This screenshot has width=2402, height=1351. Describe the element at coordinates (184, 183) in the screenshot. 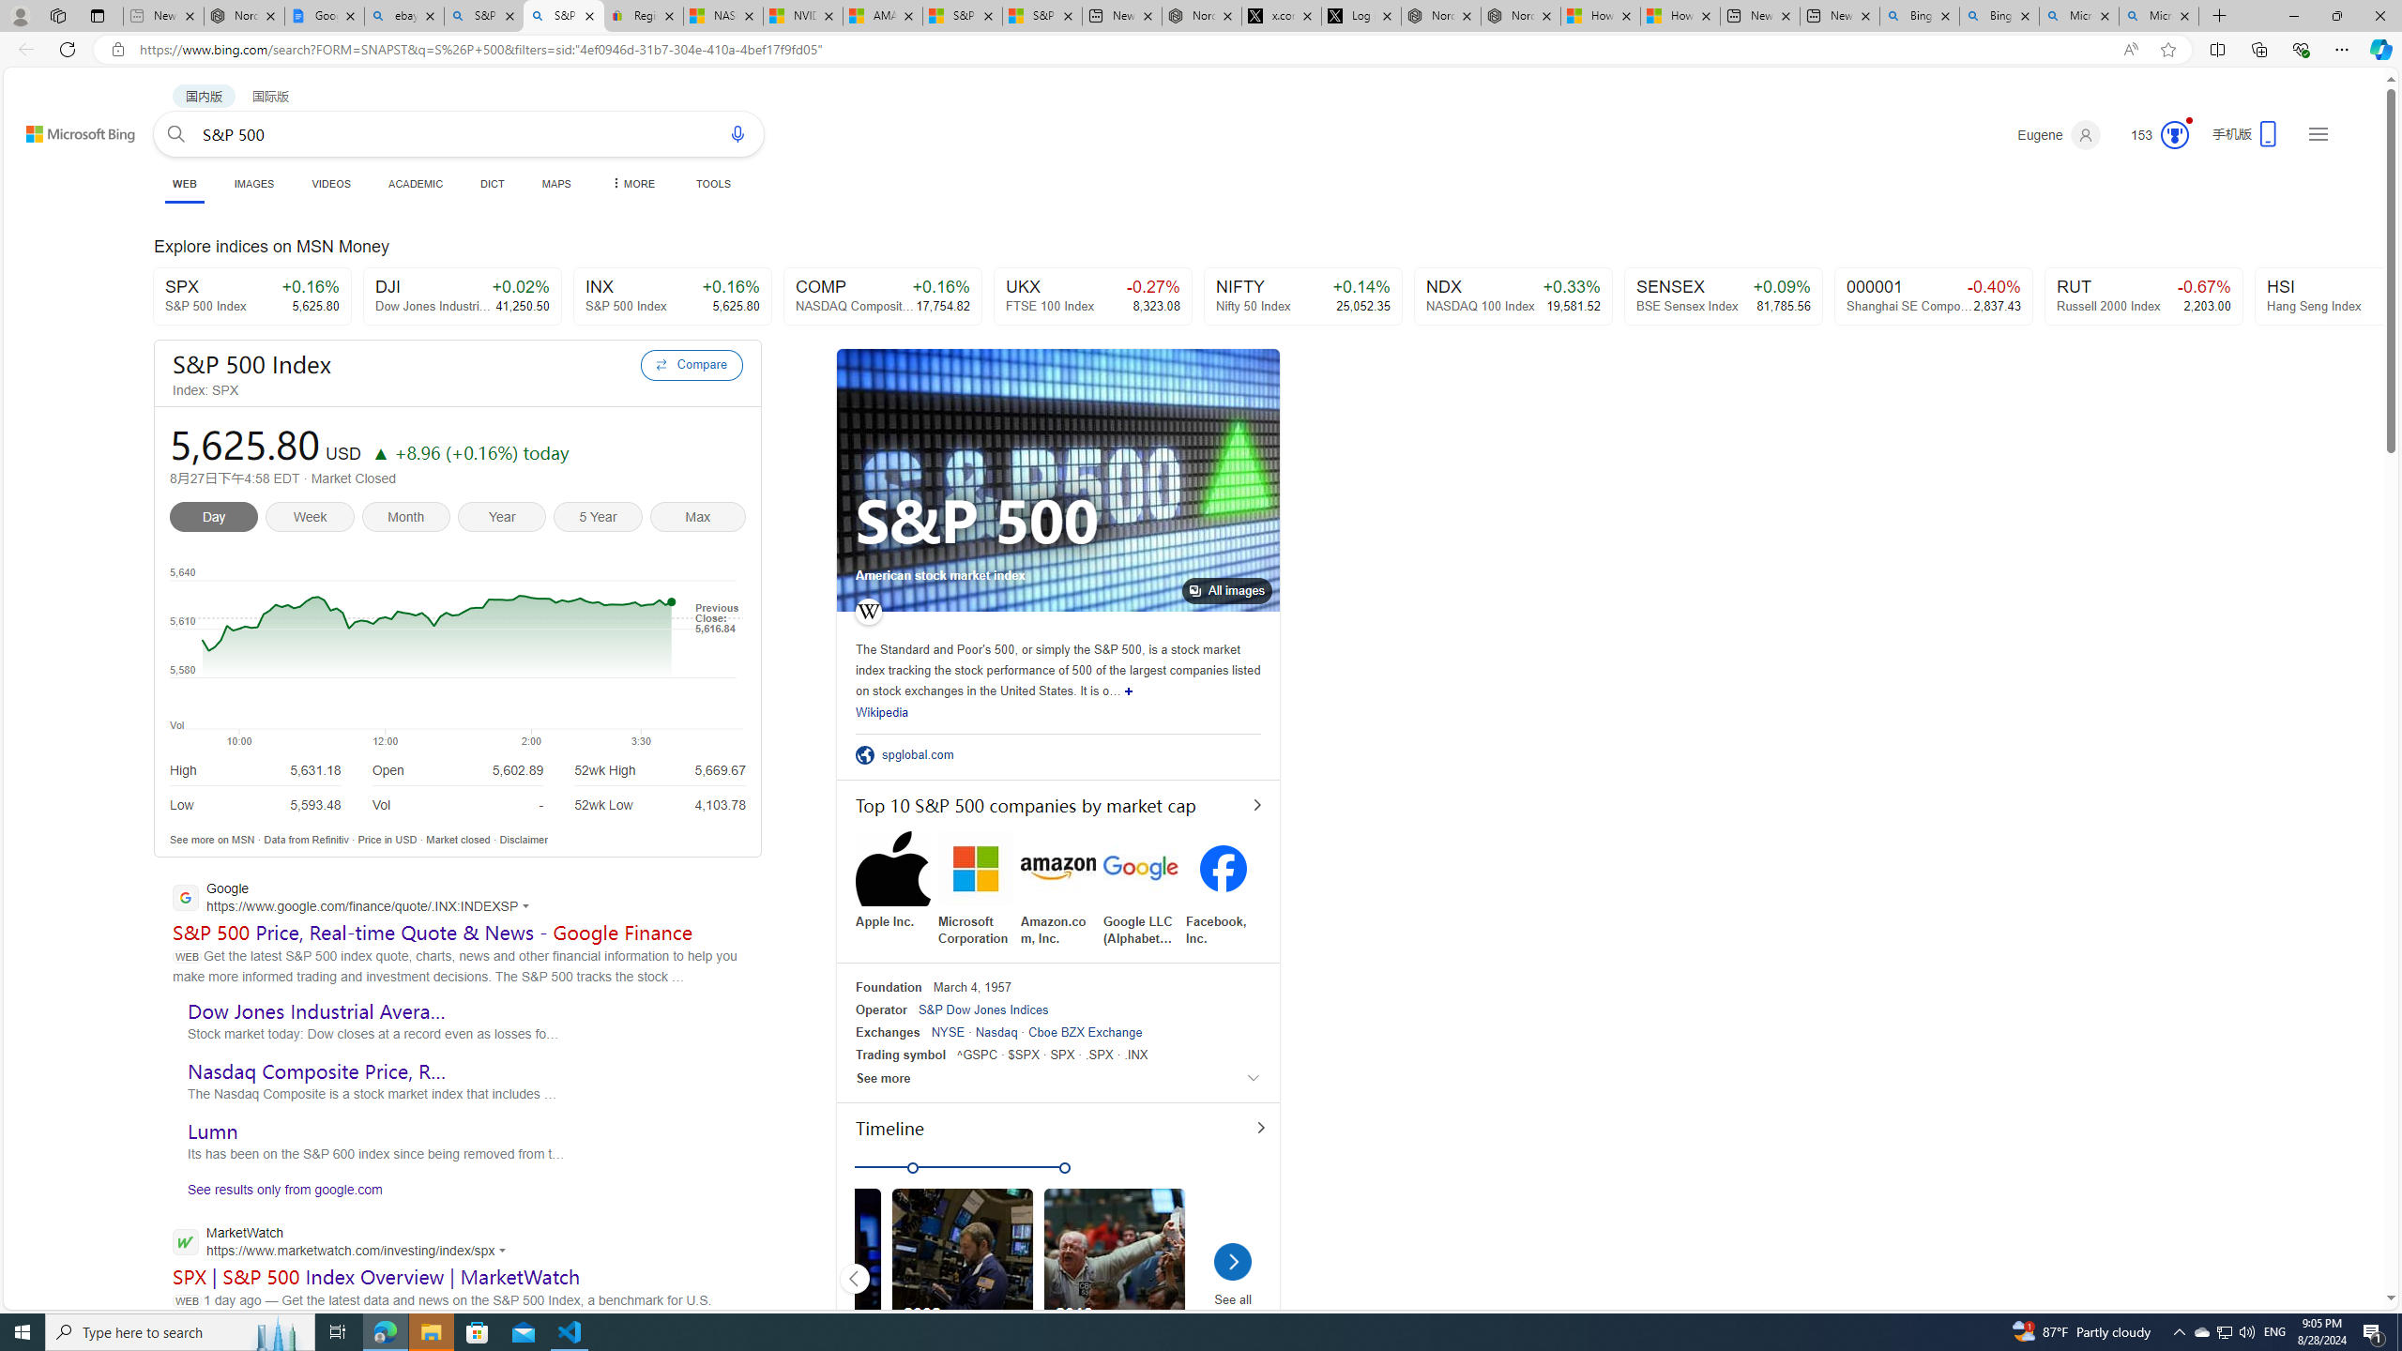

I see `'WEB'` at that location.